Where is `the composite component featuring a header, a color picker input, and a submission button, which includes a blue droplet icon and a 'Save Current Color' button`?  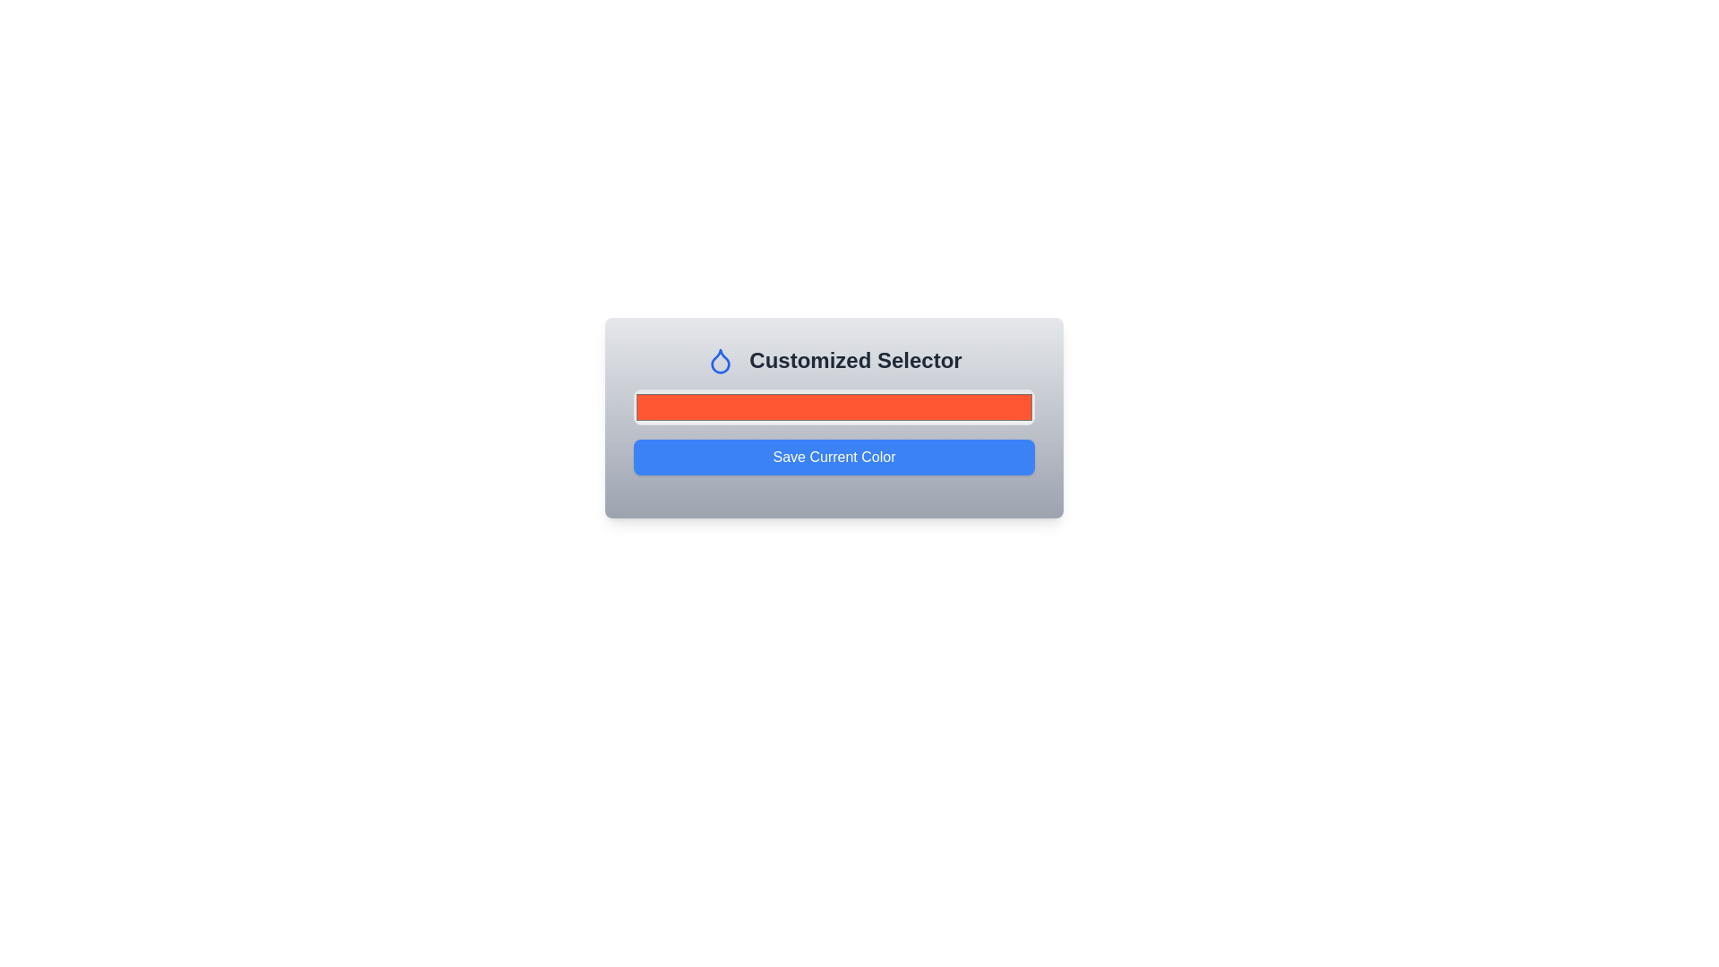
the composite component featuring a header, a color picker input, and a submission button, which includes a blue droplet icon and a 'Save Current Color' button is located at coordinates (833, 417).